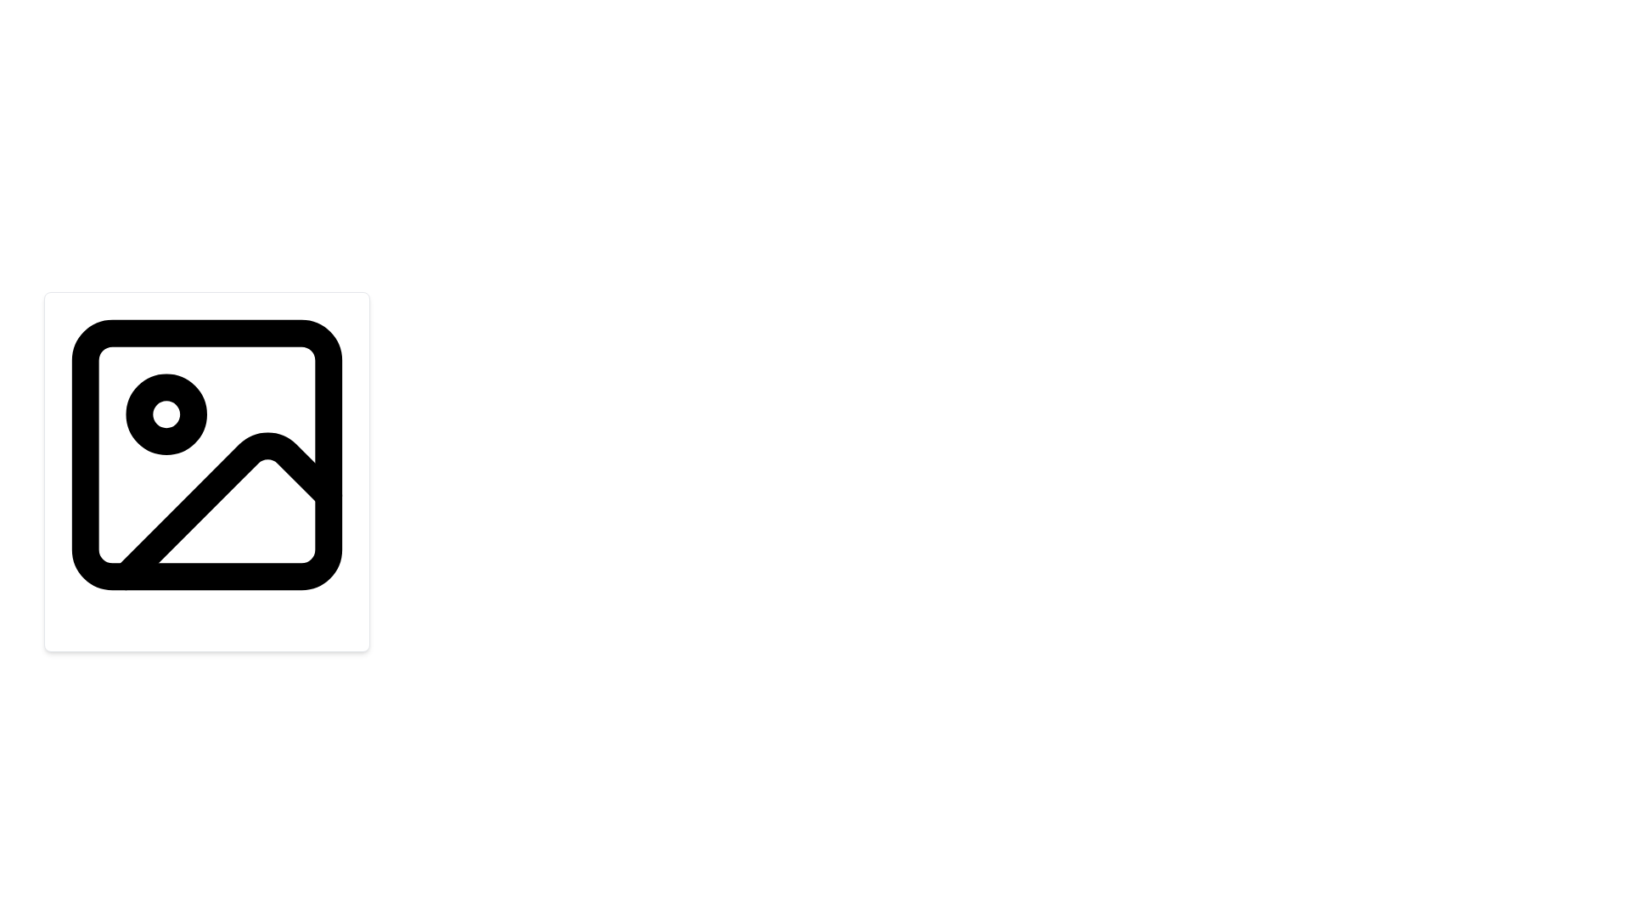  Describe the element at coordinates (206, 454) in the screenshot. I see `the image placeholder located at the top-center of the card layout, which serves as a visual component for displaying an image` at that location.